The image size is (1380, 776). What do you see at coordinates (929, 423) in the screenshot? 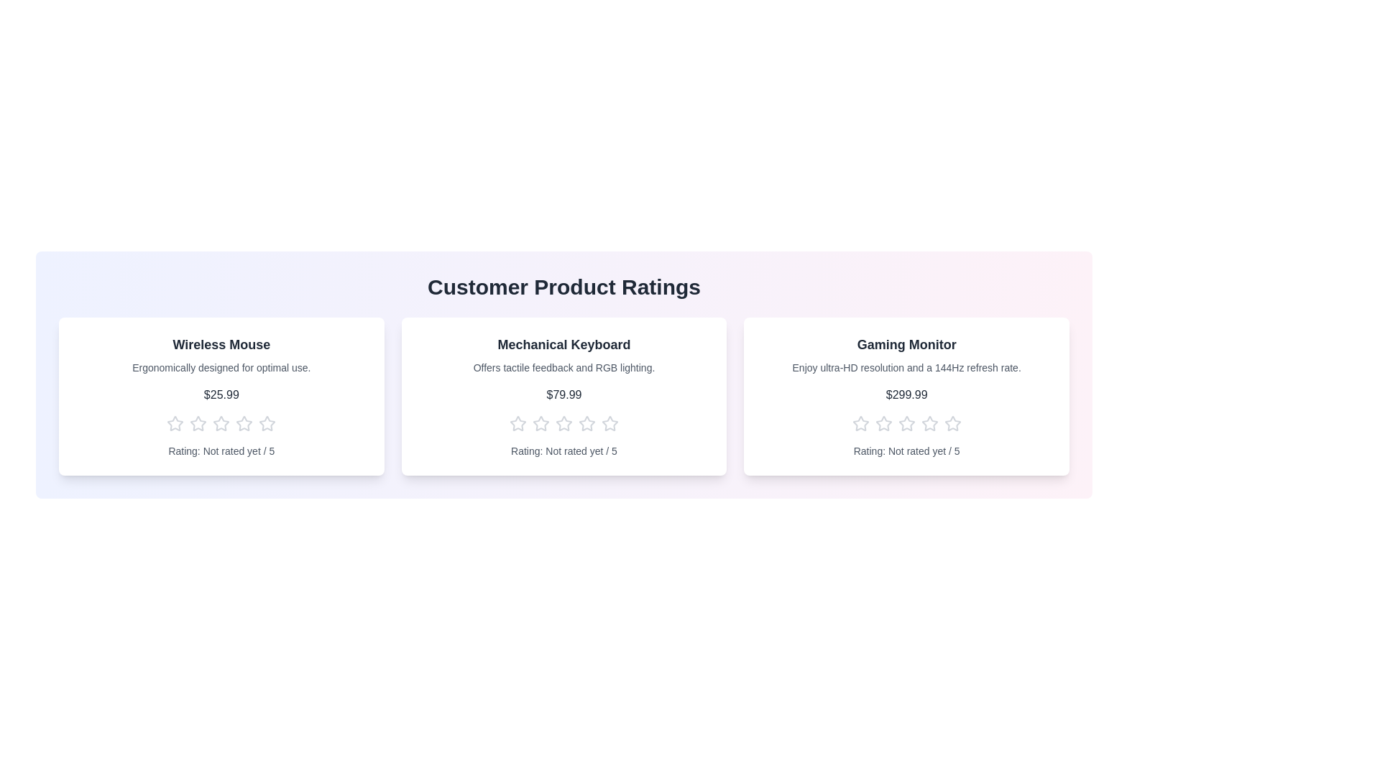
I see `the star corresponding to the rating 4 for the product Gaming Monitor` at bounding box center [929, 423].